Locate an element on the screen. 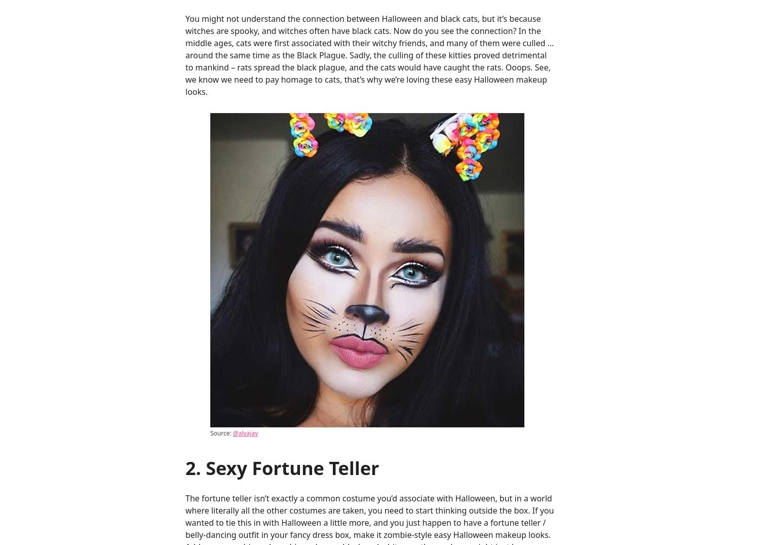  'Name' is located at coordinates (197, 323).